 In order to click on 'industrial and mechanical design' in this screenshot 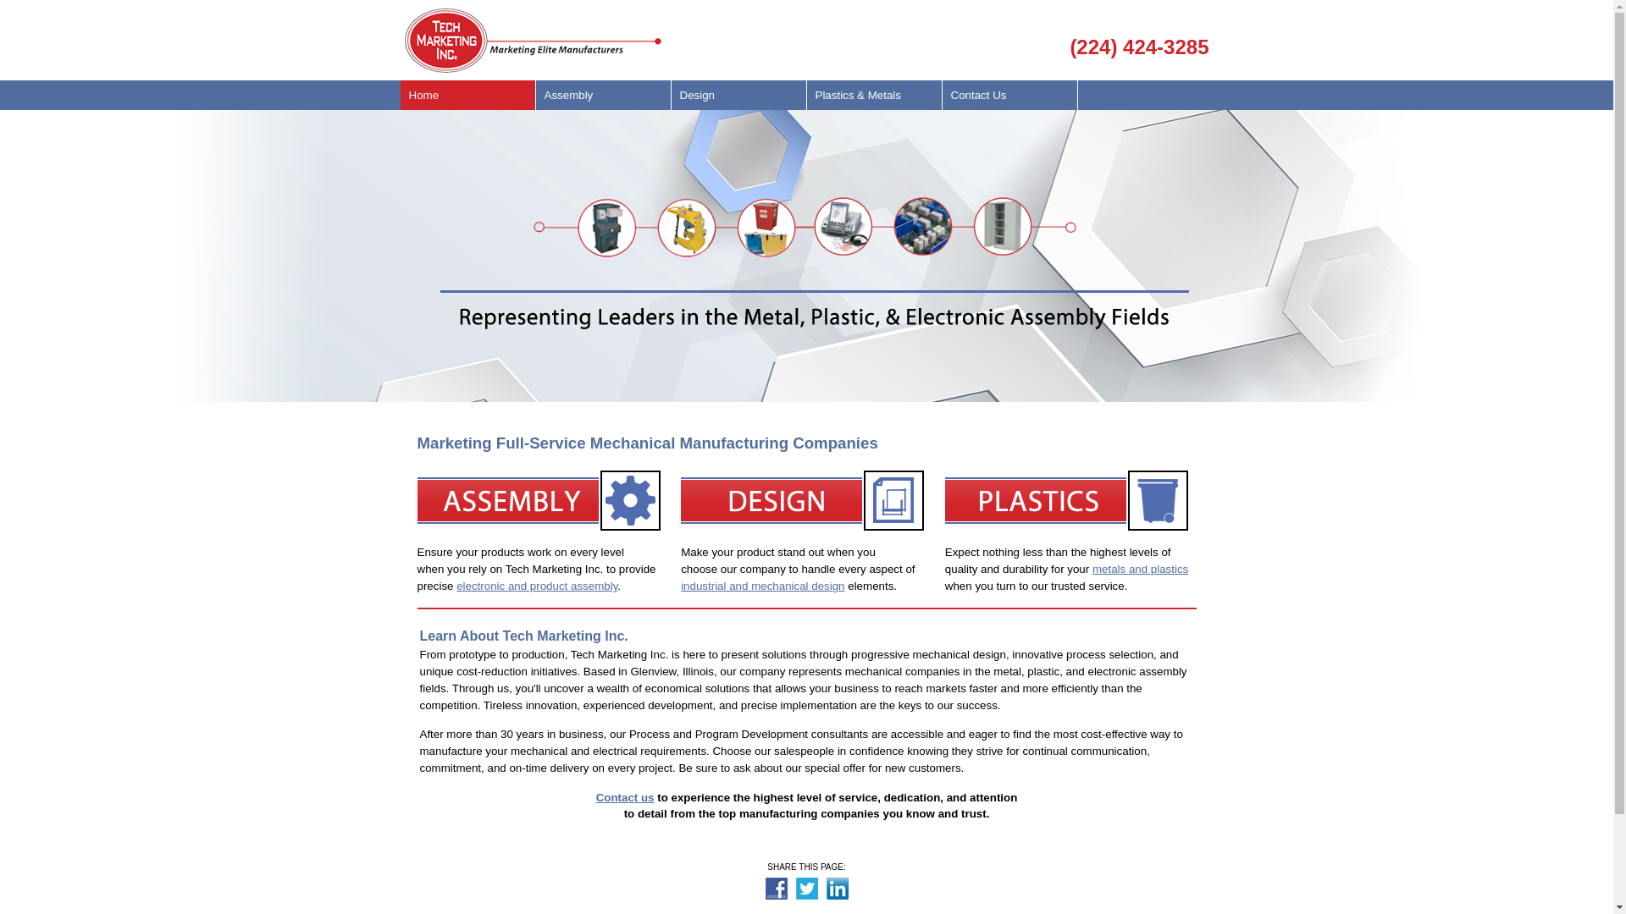, I will do `click(796, 593)`.